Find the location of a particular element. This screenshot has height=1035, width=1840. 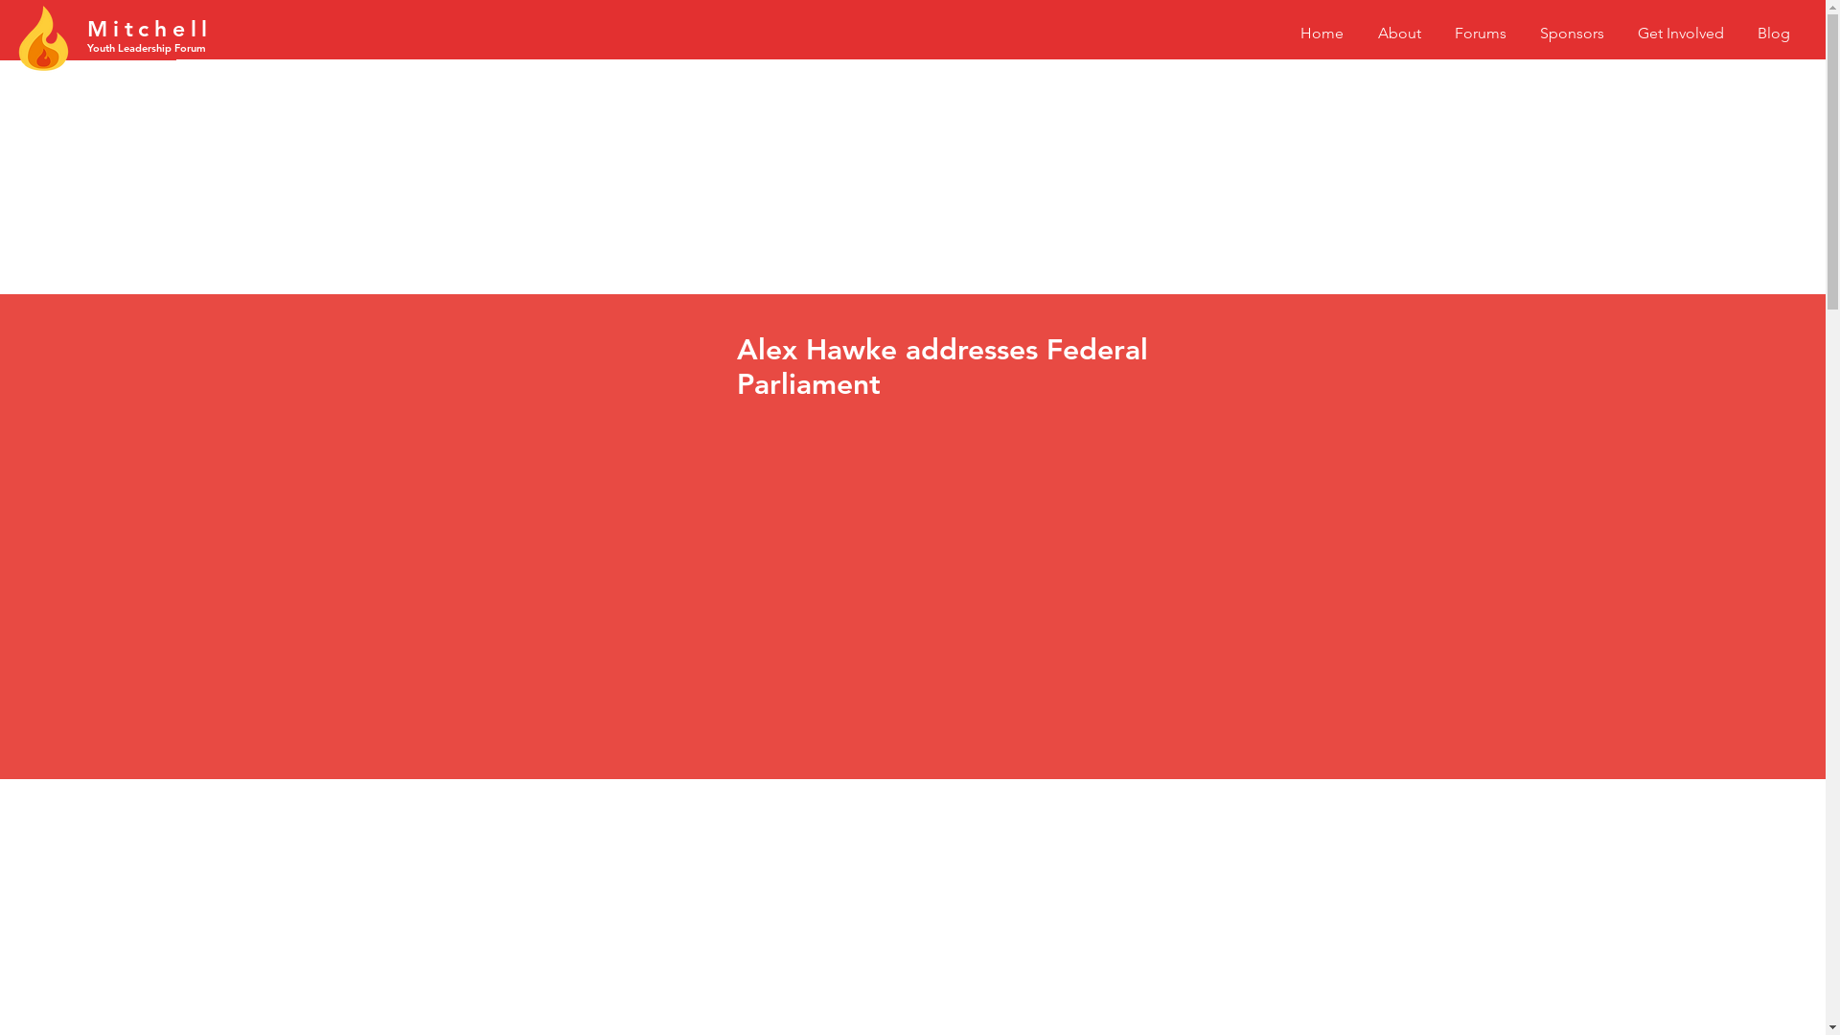

'Blog' is located at coordinates (1772, 33).